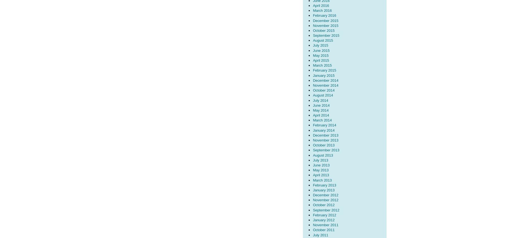 The width and height of the screenshot is (509, 238). What do you see at coordinates (323, 230) in the screenshot?
I see `'October 2011'` at bounding box center [323, 230].